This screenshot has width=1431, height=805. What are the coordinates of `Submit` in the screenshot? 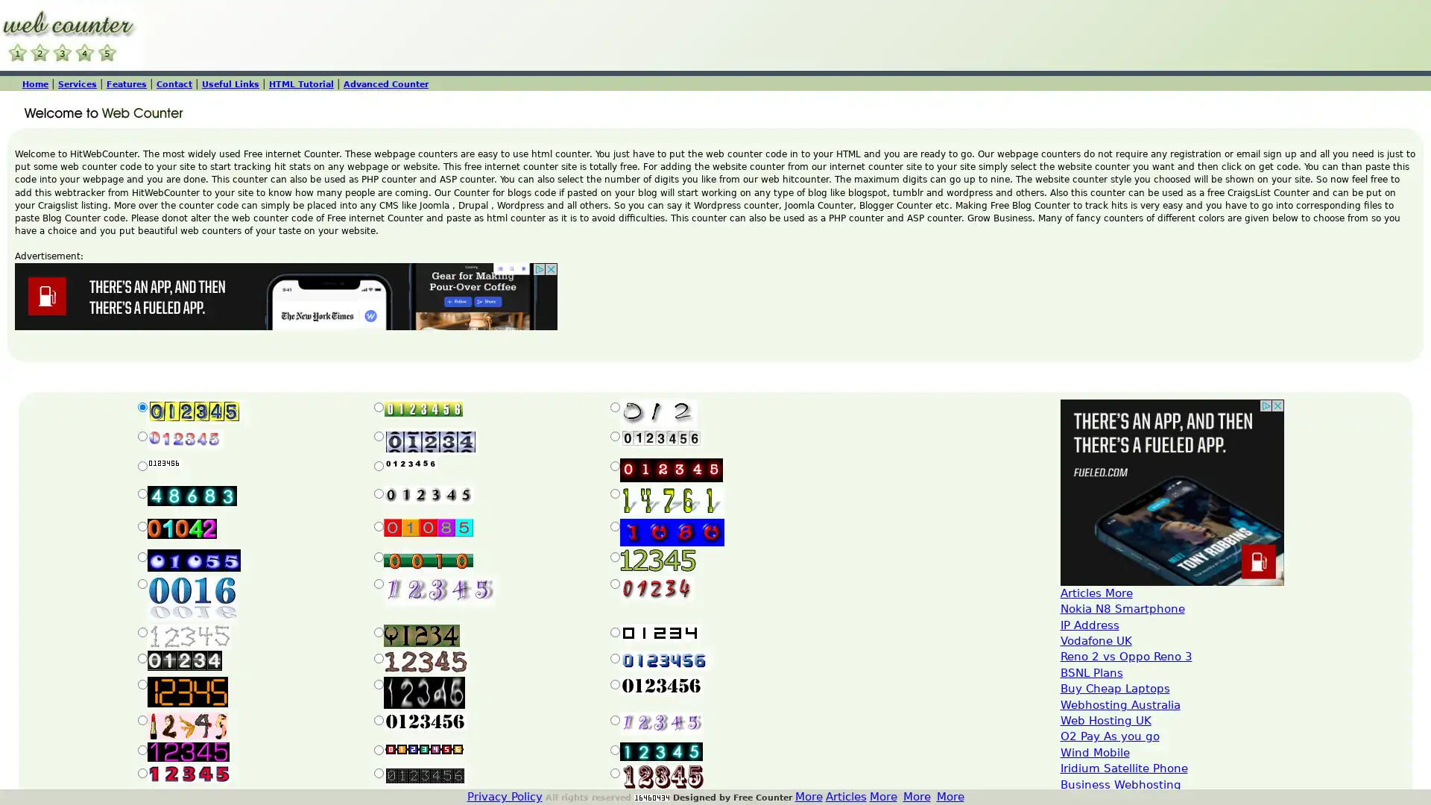 It's located at (427, 561).